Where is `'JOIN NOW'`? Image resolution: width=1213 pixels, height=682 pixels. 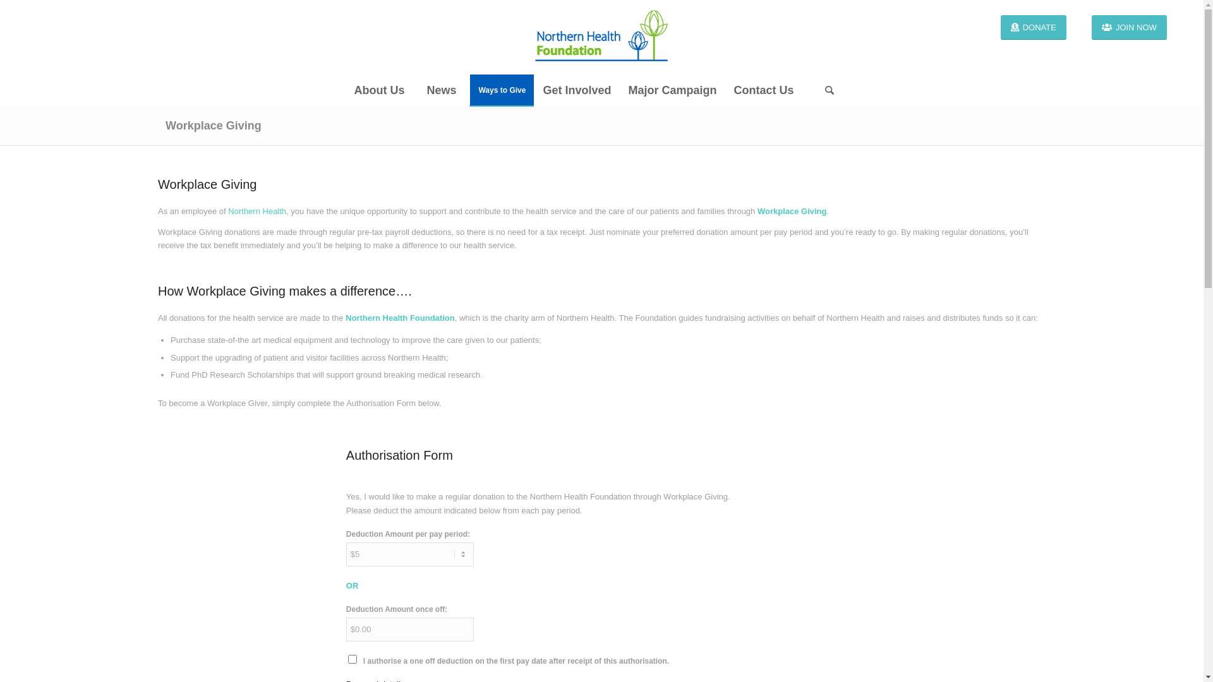 'JOIN NOW' is located at coordinates (1091, 27).